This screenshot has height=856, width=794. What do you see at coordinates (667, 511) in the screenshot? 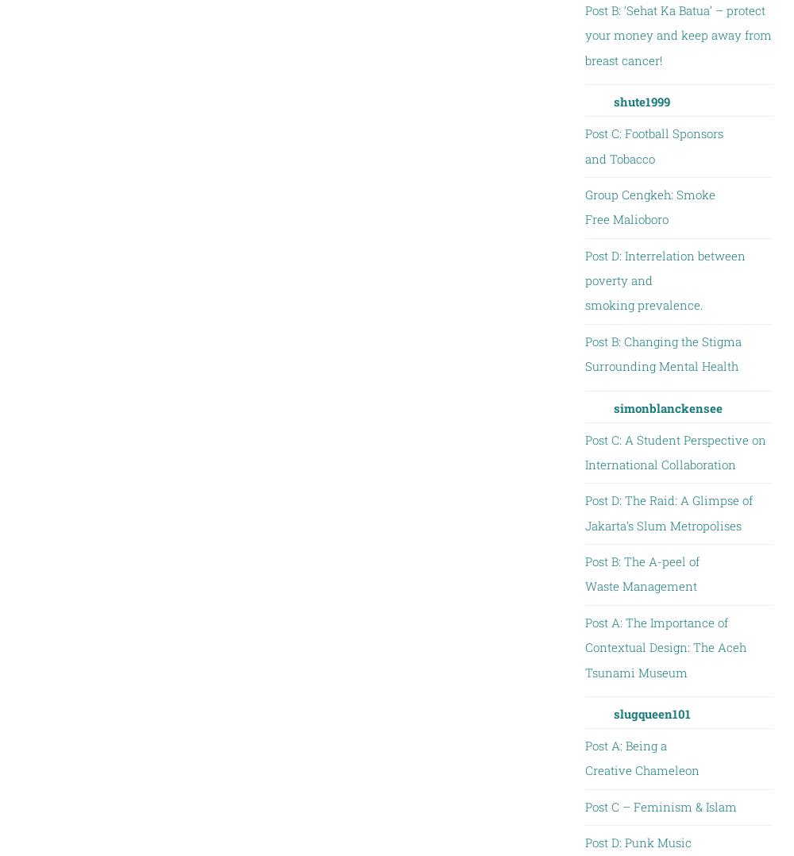
I see `'Post D: The Raid: A Glimpse of Jakarta’s Slum Metropolises'` at bounding box center [667, 511].